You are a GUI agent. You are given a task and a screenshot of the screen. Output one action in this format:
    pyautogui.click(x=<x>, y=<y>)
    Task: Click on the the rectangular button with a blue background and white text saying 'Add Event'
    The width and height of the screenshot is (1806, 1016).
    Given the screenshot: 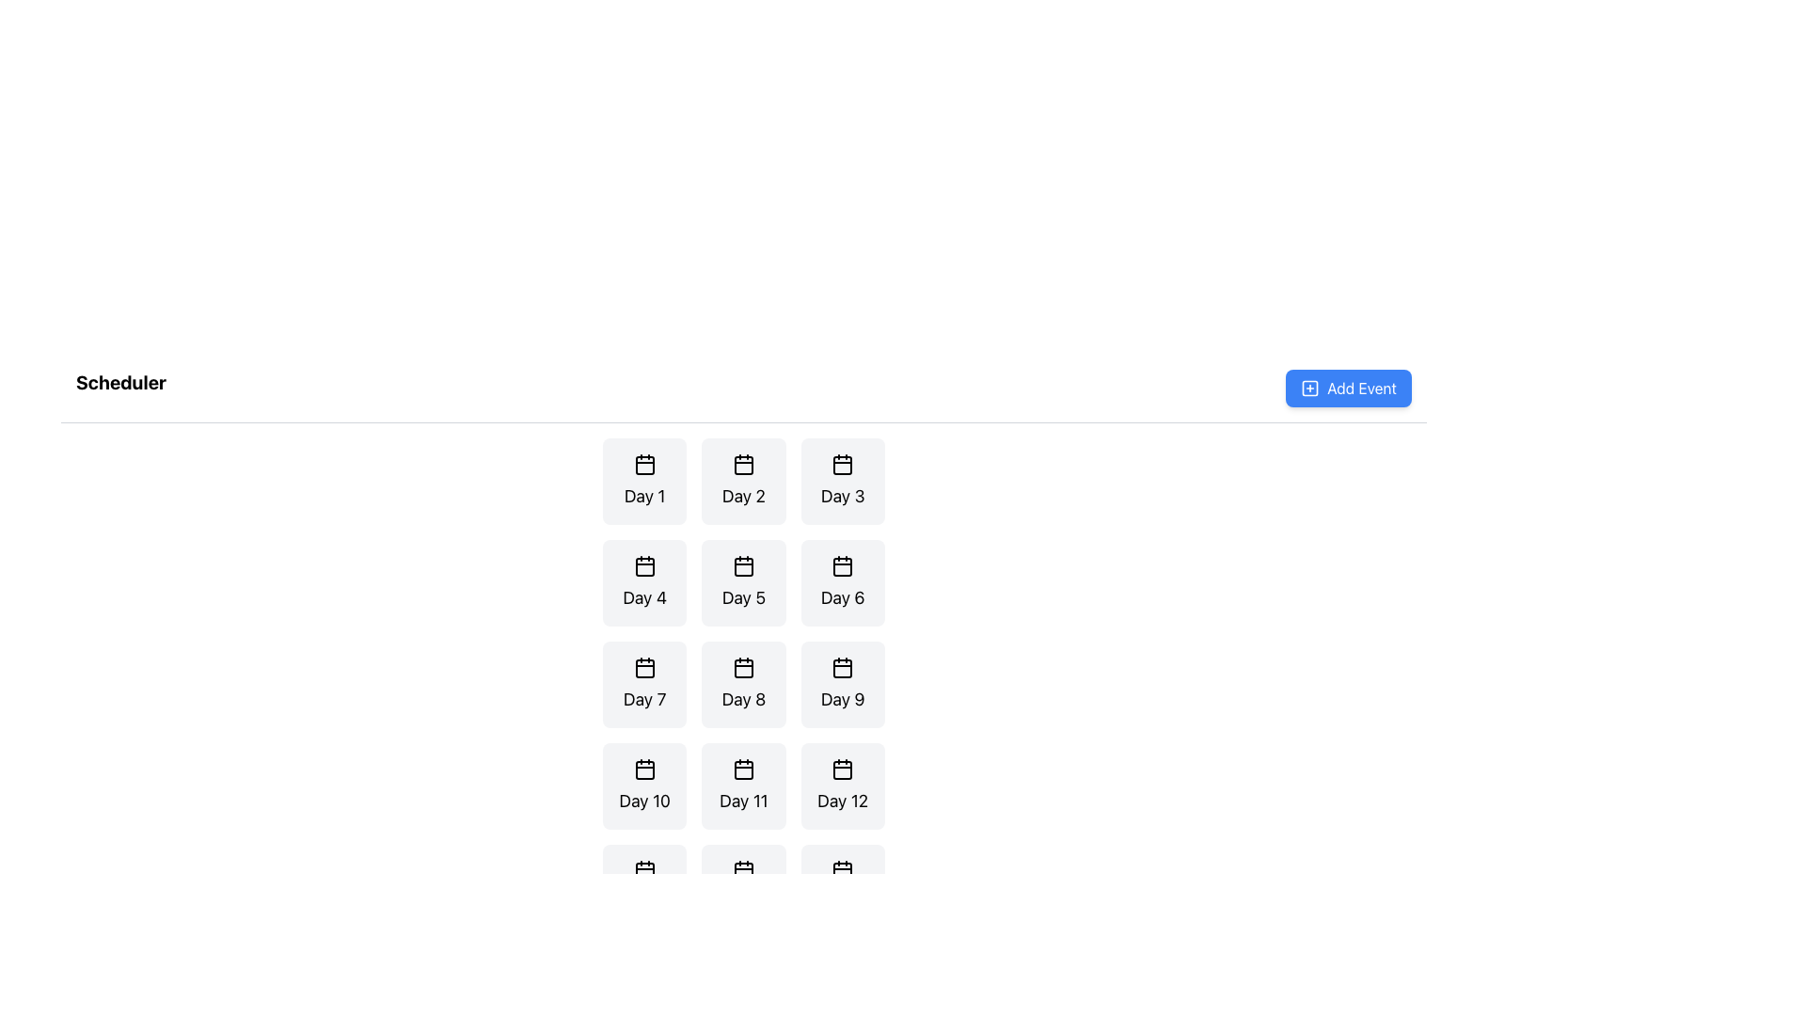 What is the action you would take?
    pyautogui.click(x=1348, y=387)
    